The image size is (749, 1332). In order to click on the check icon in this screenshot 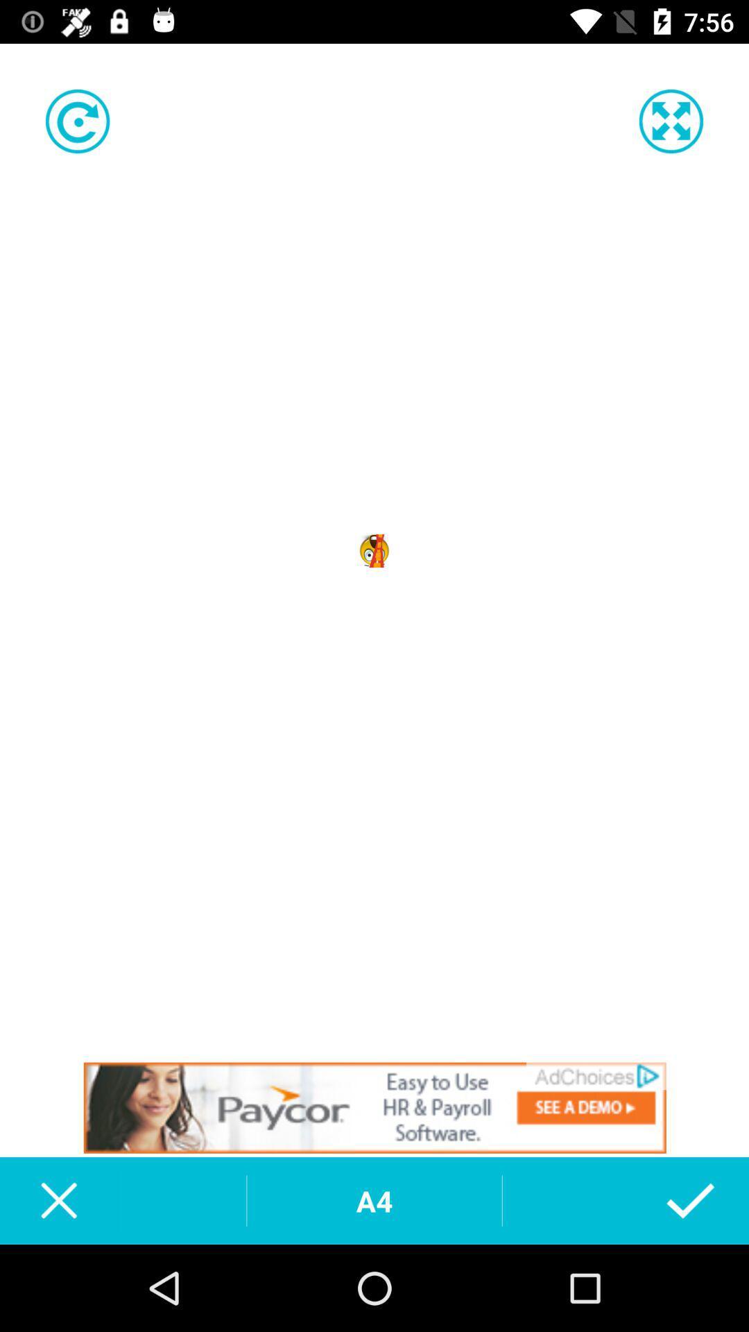, I will do `click(690, 1200)`.